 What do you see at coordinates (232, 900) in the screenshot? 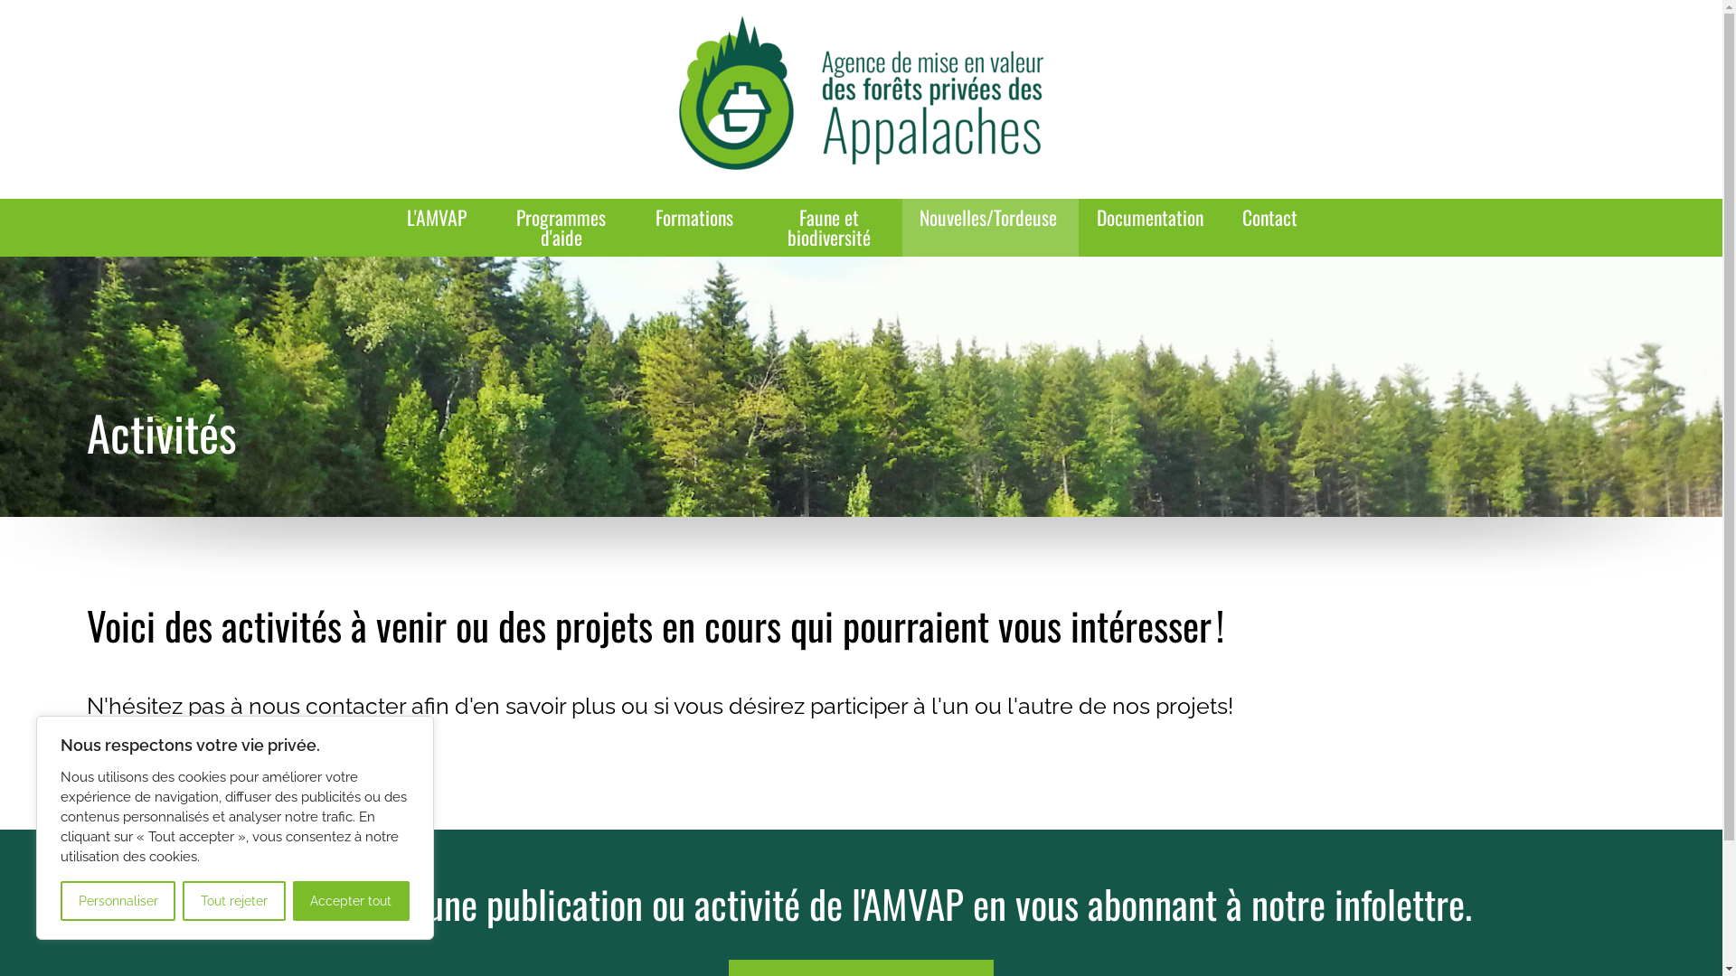
I see `'Tout rejeter'` at bounding box center [232, 900].